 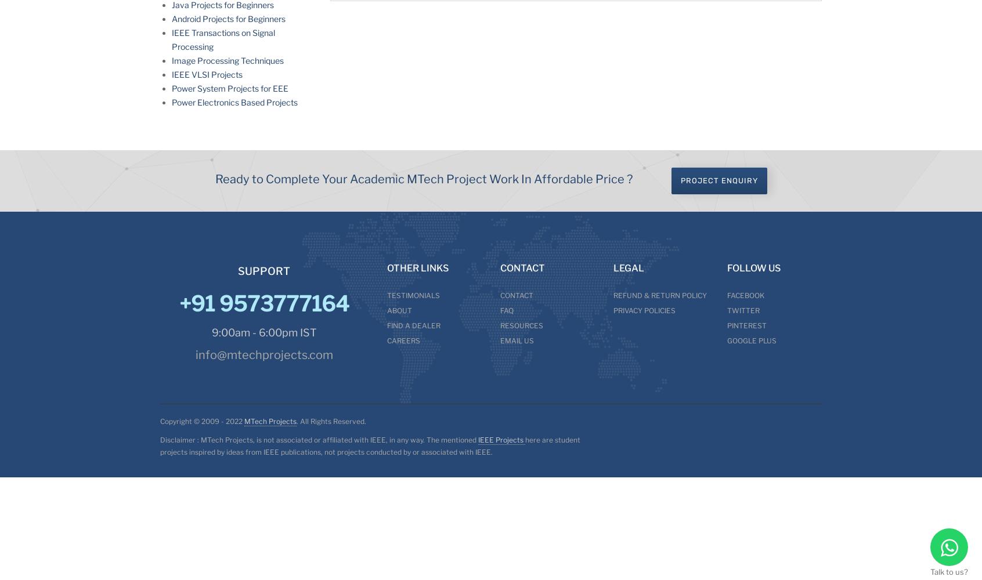 I want to click on 'REFUND & RETURN POLICY', so click(x=659, y=295).